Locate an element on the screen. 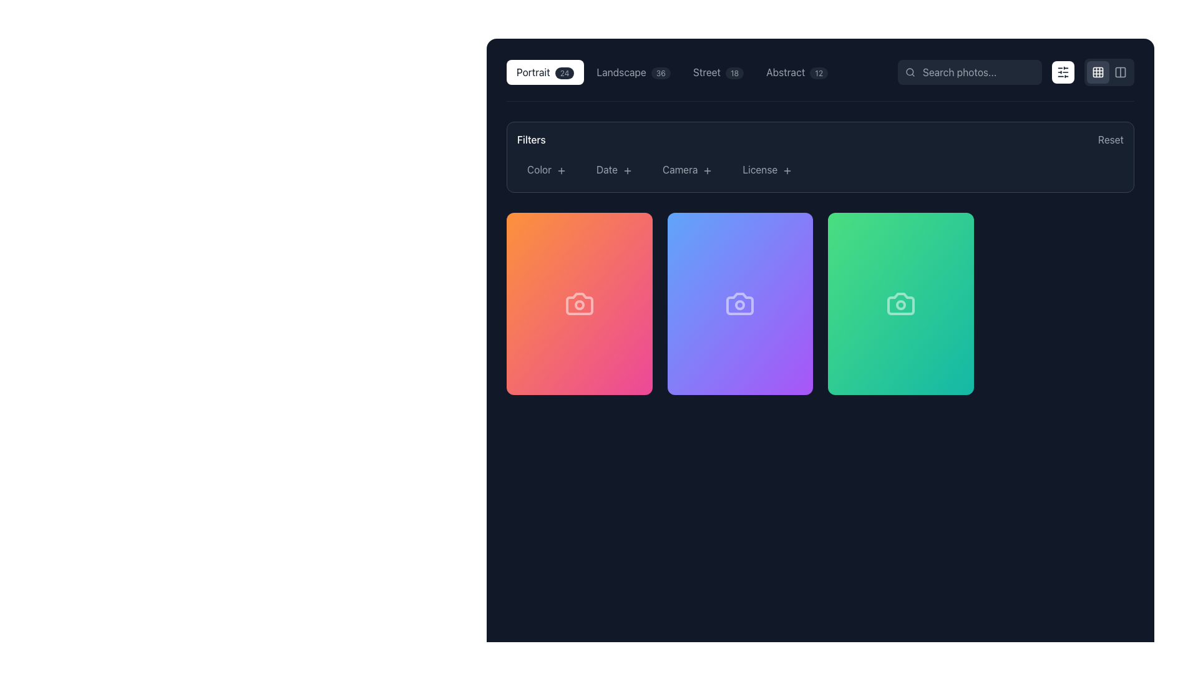 This screenshot has width=1198, height=674. the vertical bars layout icon in the Button group with layout options is located at coordinates (1109, 72).